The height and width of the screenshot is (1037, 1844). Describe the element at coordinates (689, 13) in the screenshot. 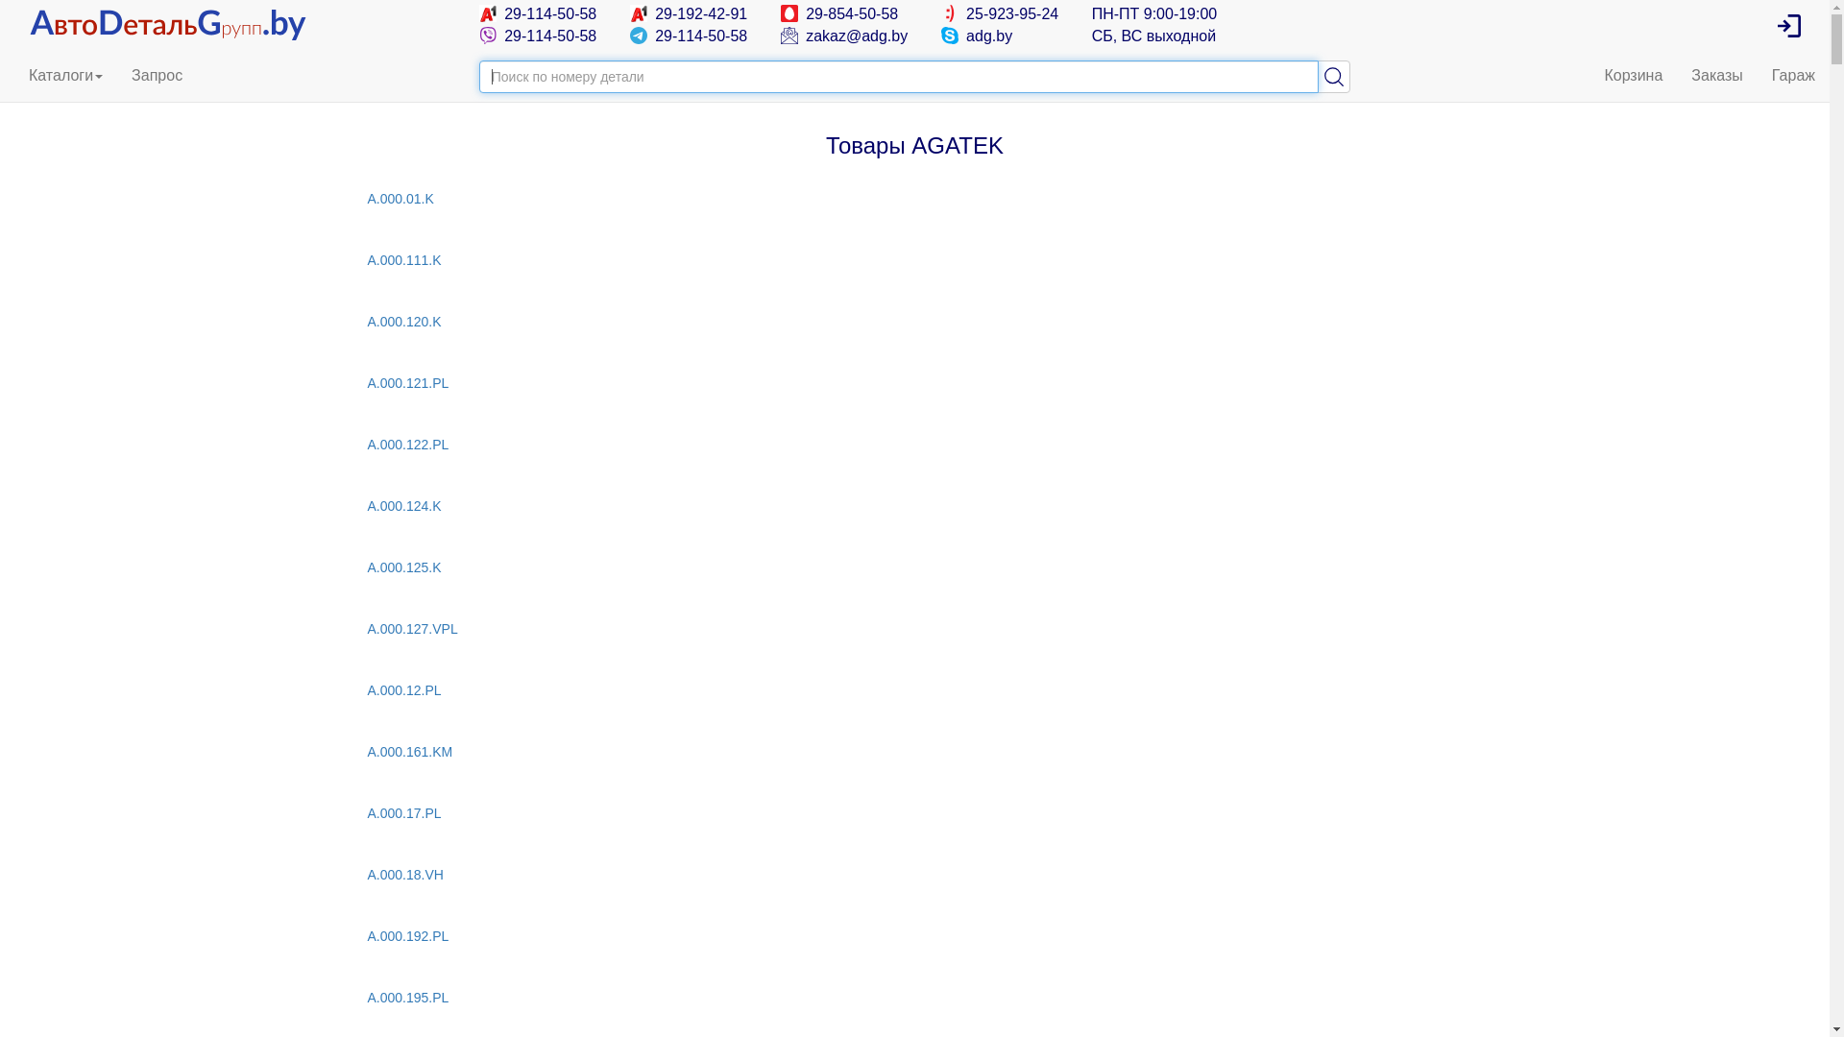

I see `'29-192-42-91'` at that location.